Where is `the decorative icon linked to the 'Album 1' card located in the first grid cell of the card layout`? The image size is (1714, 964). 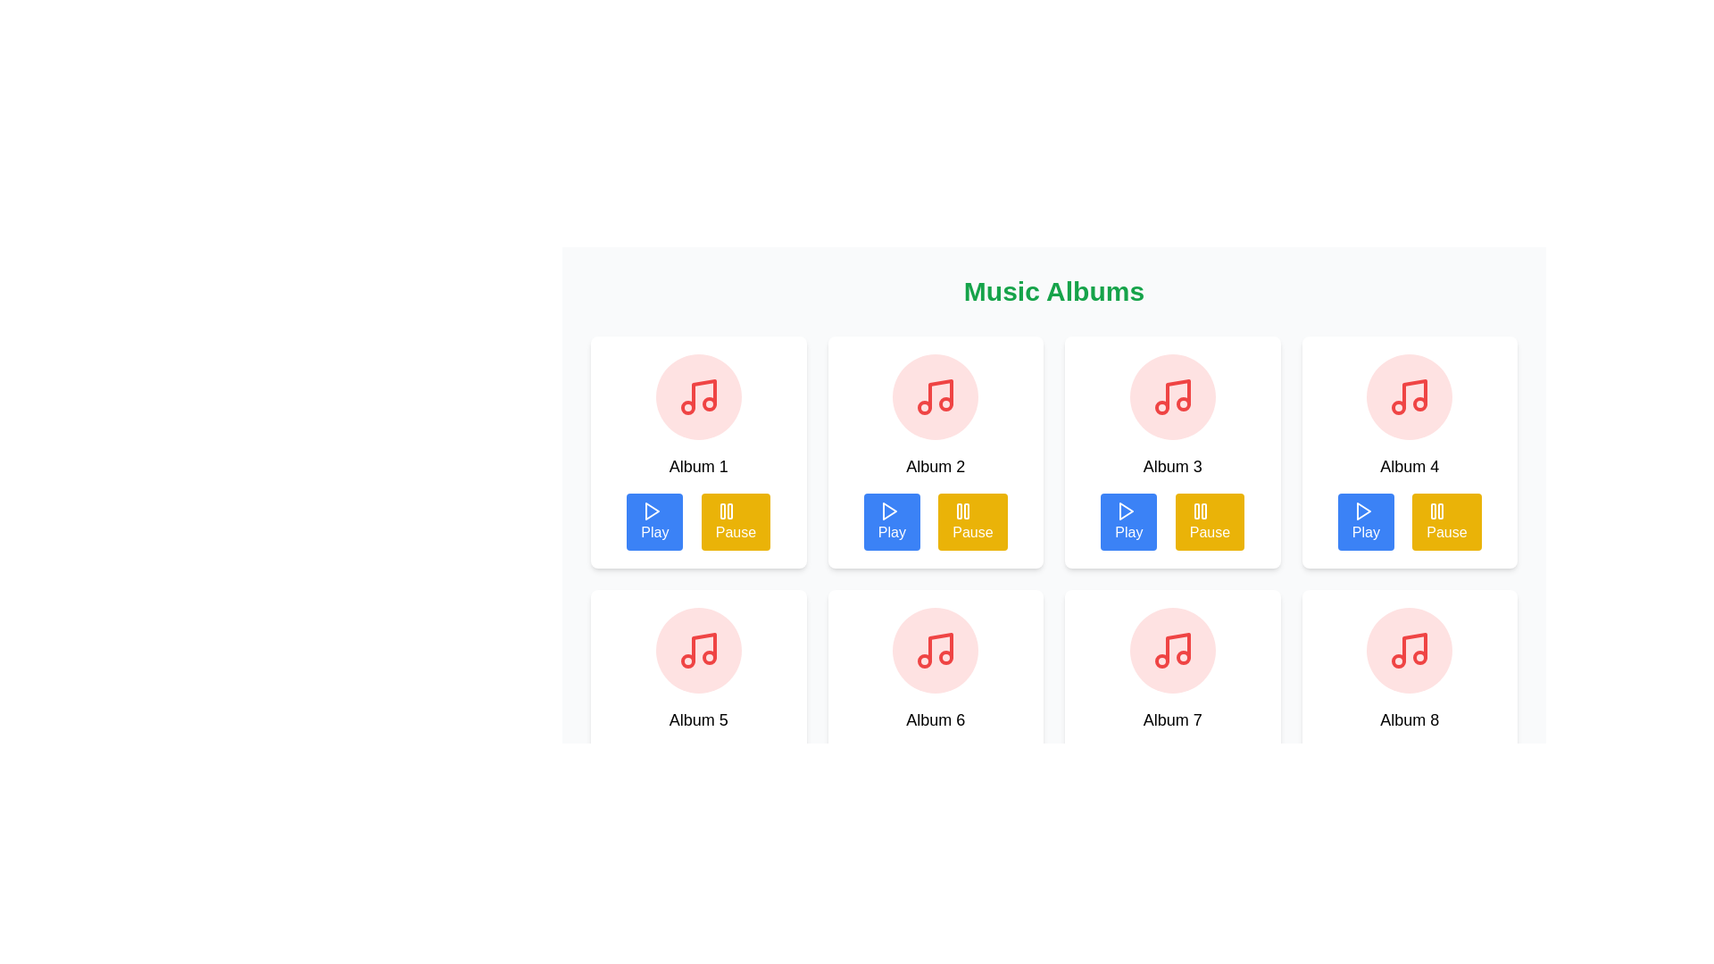
the decorative icon linked to the 'Album 1' card located in the first grid cell of the card layout is located at coordinates (697, 395).